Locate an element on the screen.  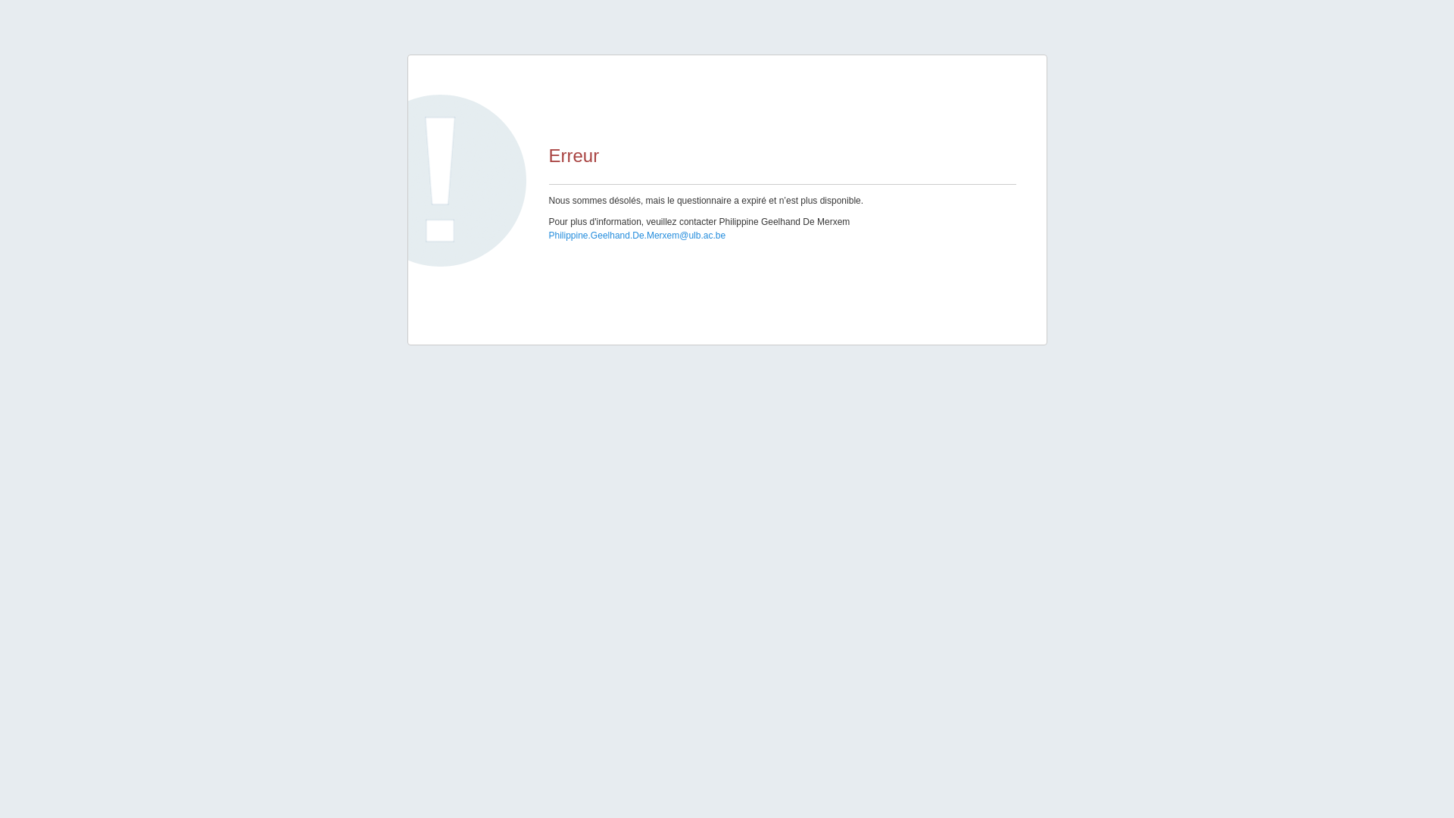
'Philippine.Geelhand.De.Merxem@ulb.ac.be' is located at coordinates (636, 236).